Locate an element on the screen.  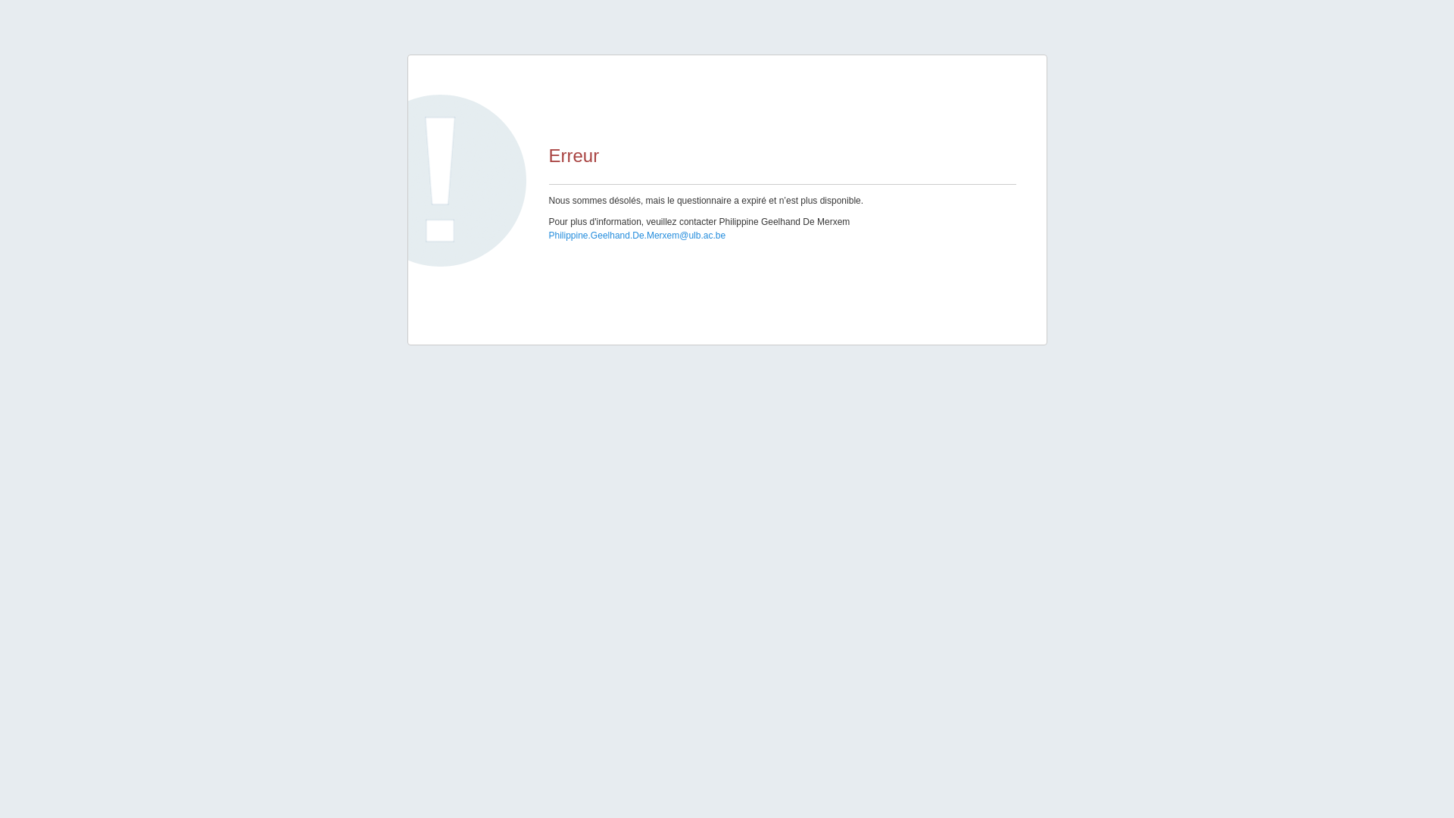
'Philippine.Geelhand.De.Merxem@ulb.ac.be' is located at coordinates (636, 236).